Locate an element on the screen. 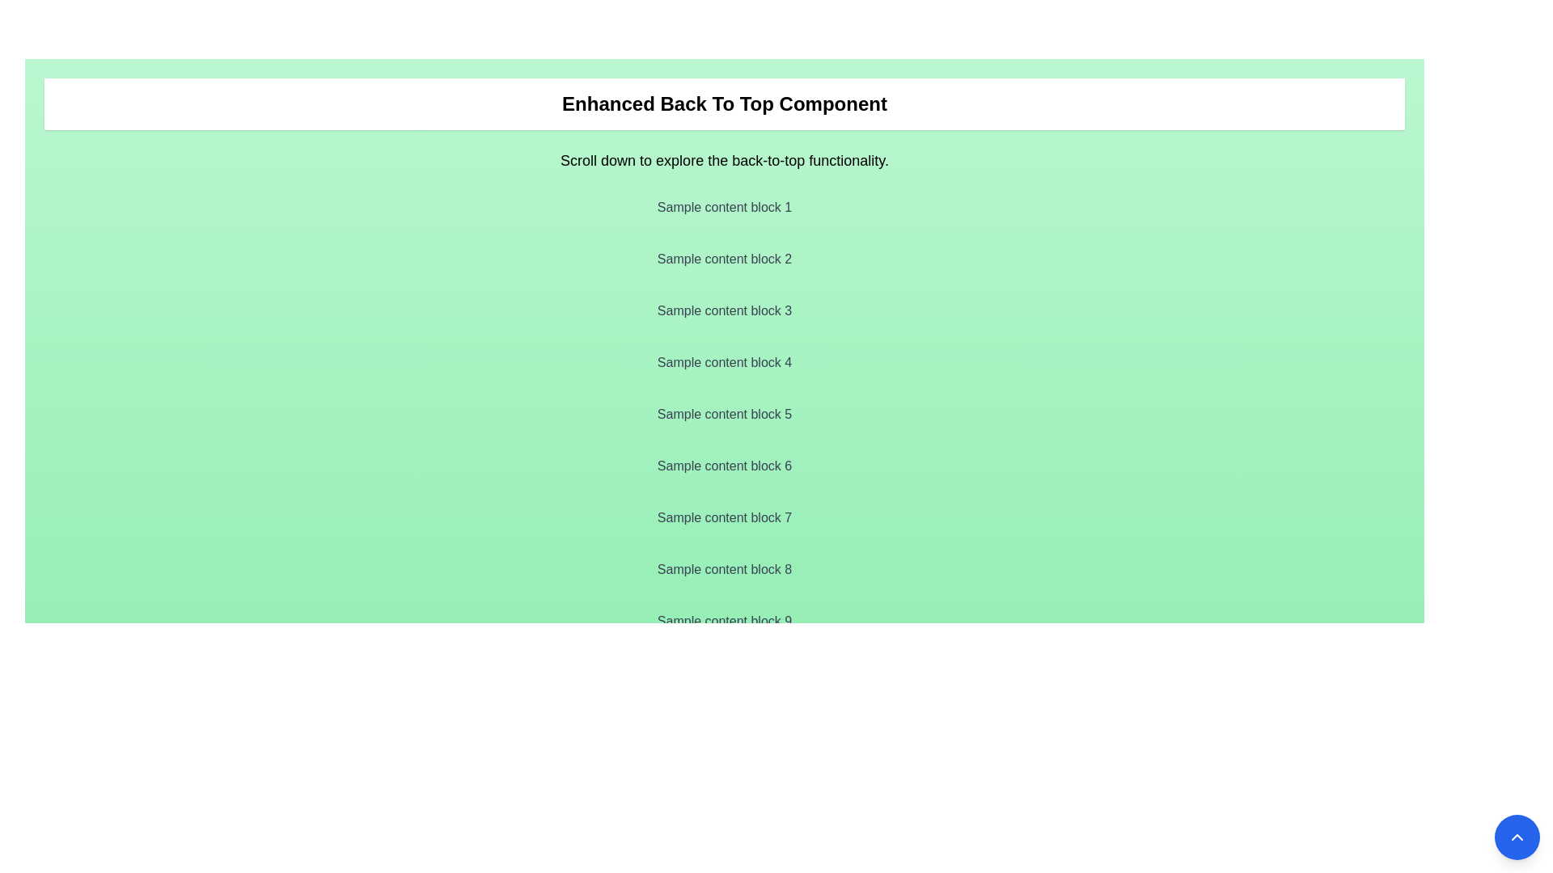 The width and height of the screenshot is (1553, 873). the text content of the second visible text block in the vertical list of content blocks, positioned between 'Sample content block 1' and 'Sample content block 3' is located at coordinates (724, 258).